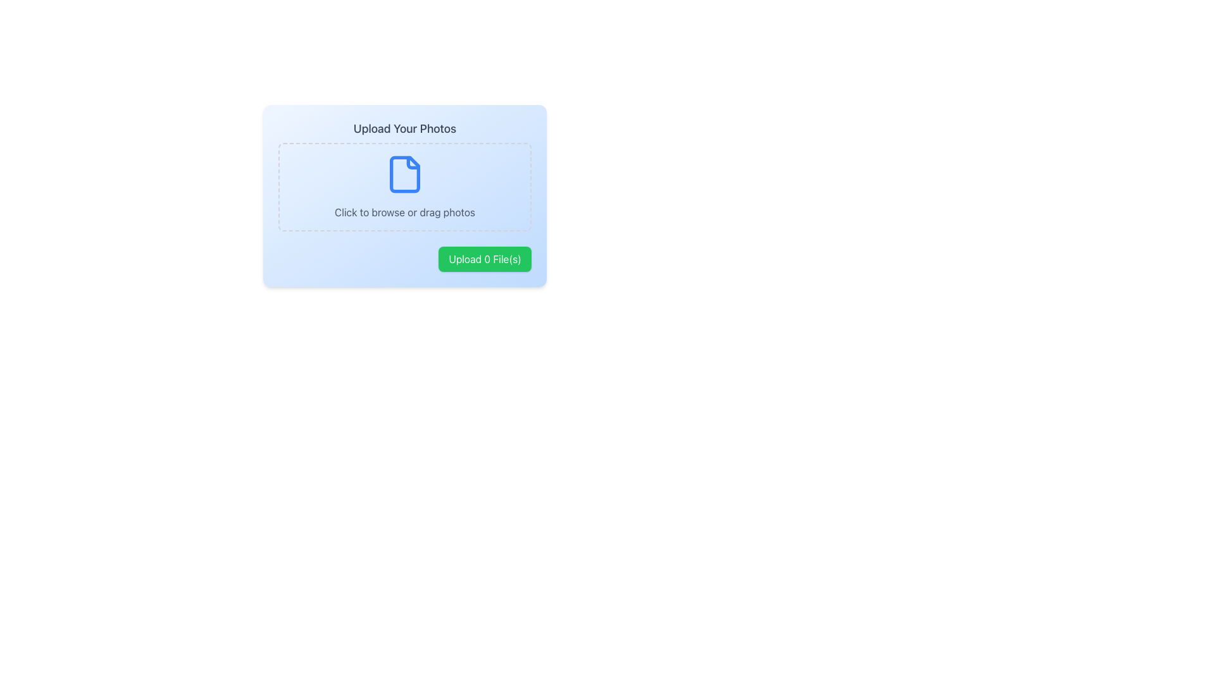  Describe the element at coordinates (404, 175) in the screenshot. I see `the file upload icon located centrally within the dashed rectangle of the 'Upload Your Photos' layout, positioned above the 'Click to browse or drag photos' text` at that location.